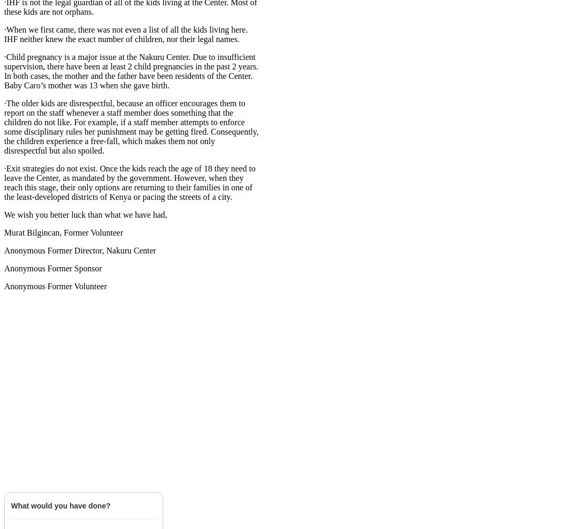 Image resolution: width=584 pixels, height=529 pixels. Describe the element at coordinates (61, 505) in the screenshot. I see `'What would you have done?'` at that location.